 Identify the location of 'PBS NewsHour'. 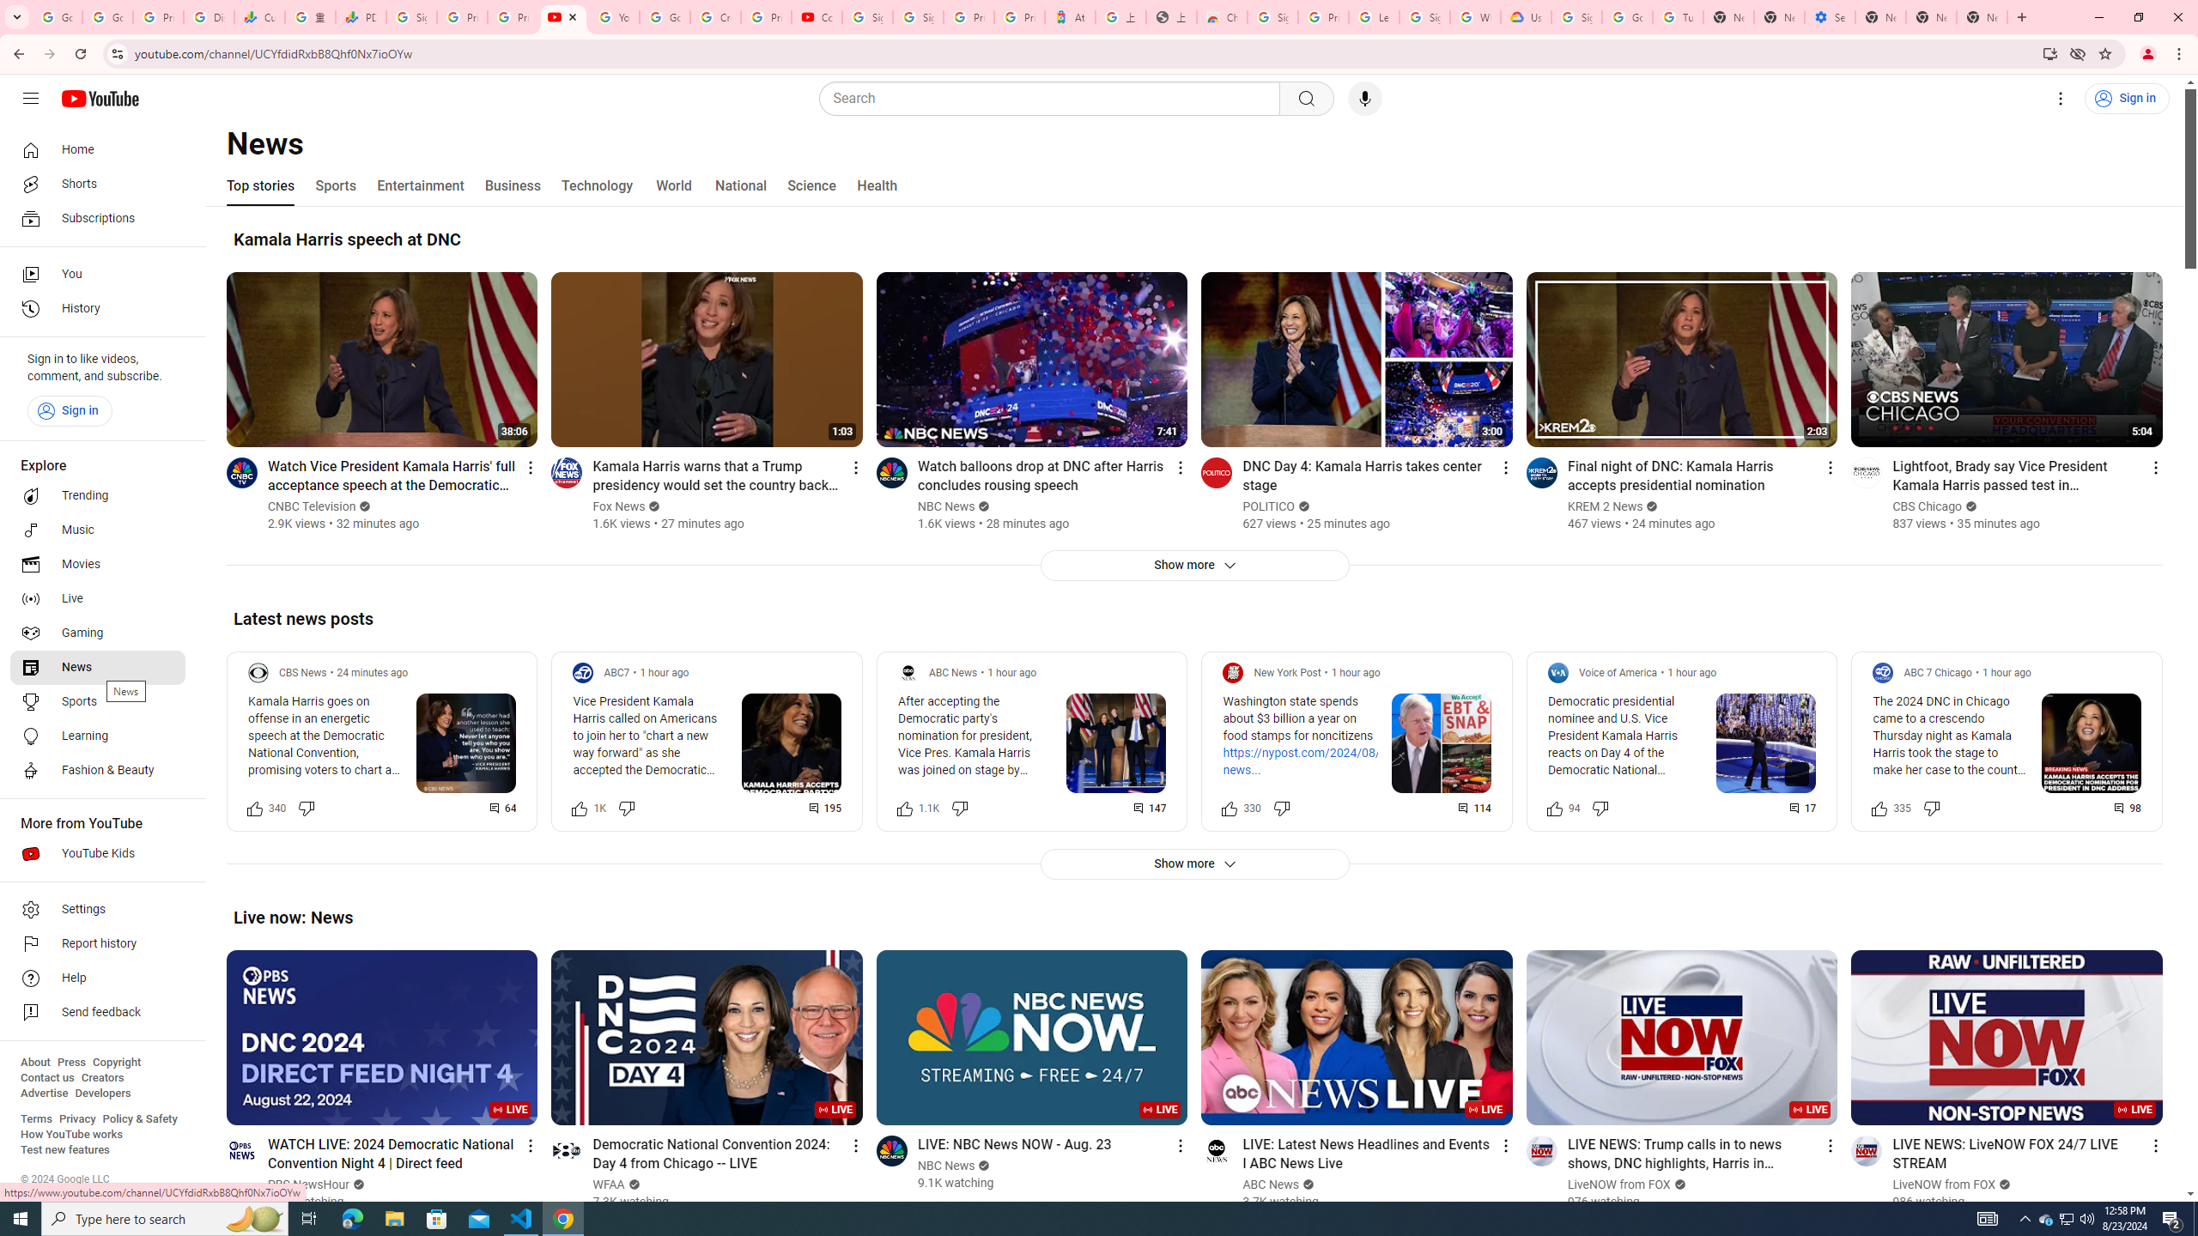
(308, 1184).